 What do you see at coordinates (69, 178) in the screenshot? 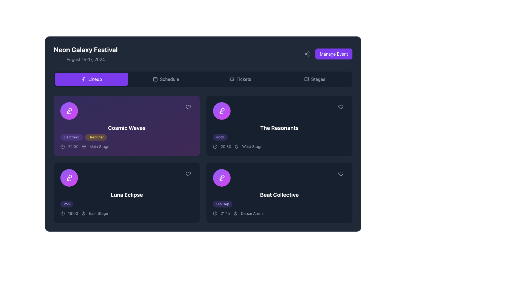
I see `the icon representing the 'Luna Eclipse' card located in the lower-left card under the 'Lineup' section, positioned to the left of the 'Luna Eclipse' title` at bounding box center [69, 178].